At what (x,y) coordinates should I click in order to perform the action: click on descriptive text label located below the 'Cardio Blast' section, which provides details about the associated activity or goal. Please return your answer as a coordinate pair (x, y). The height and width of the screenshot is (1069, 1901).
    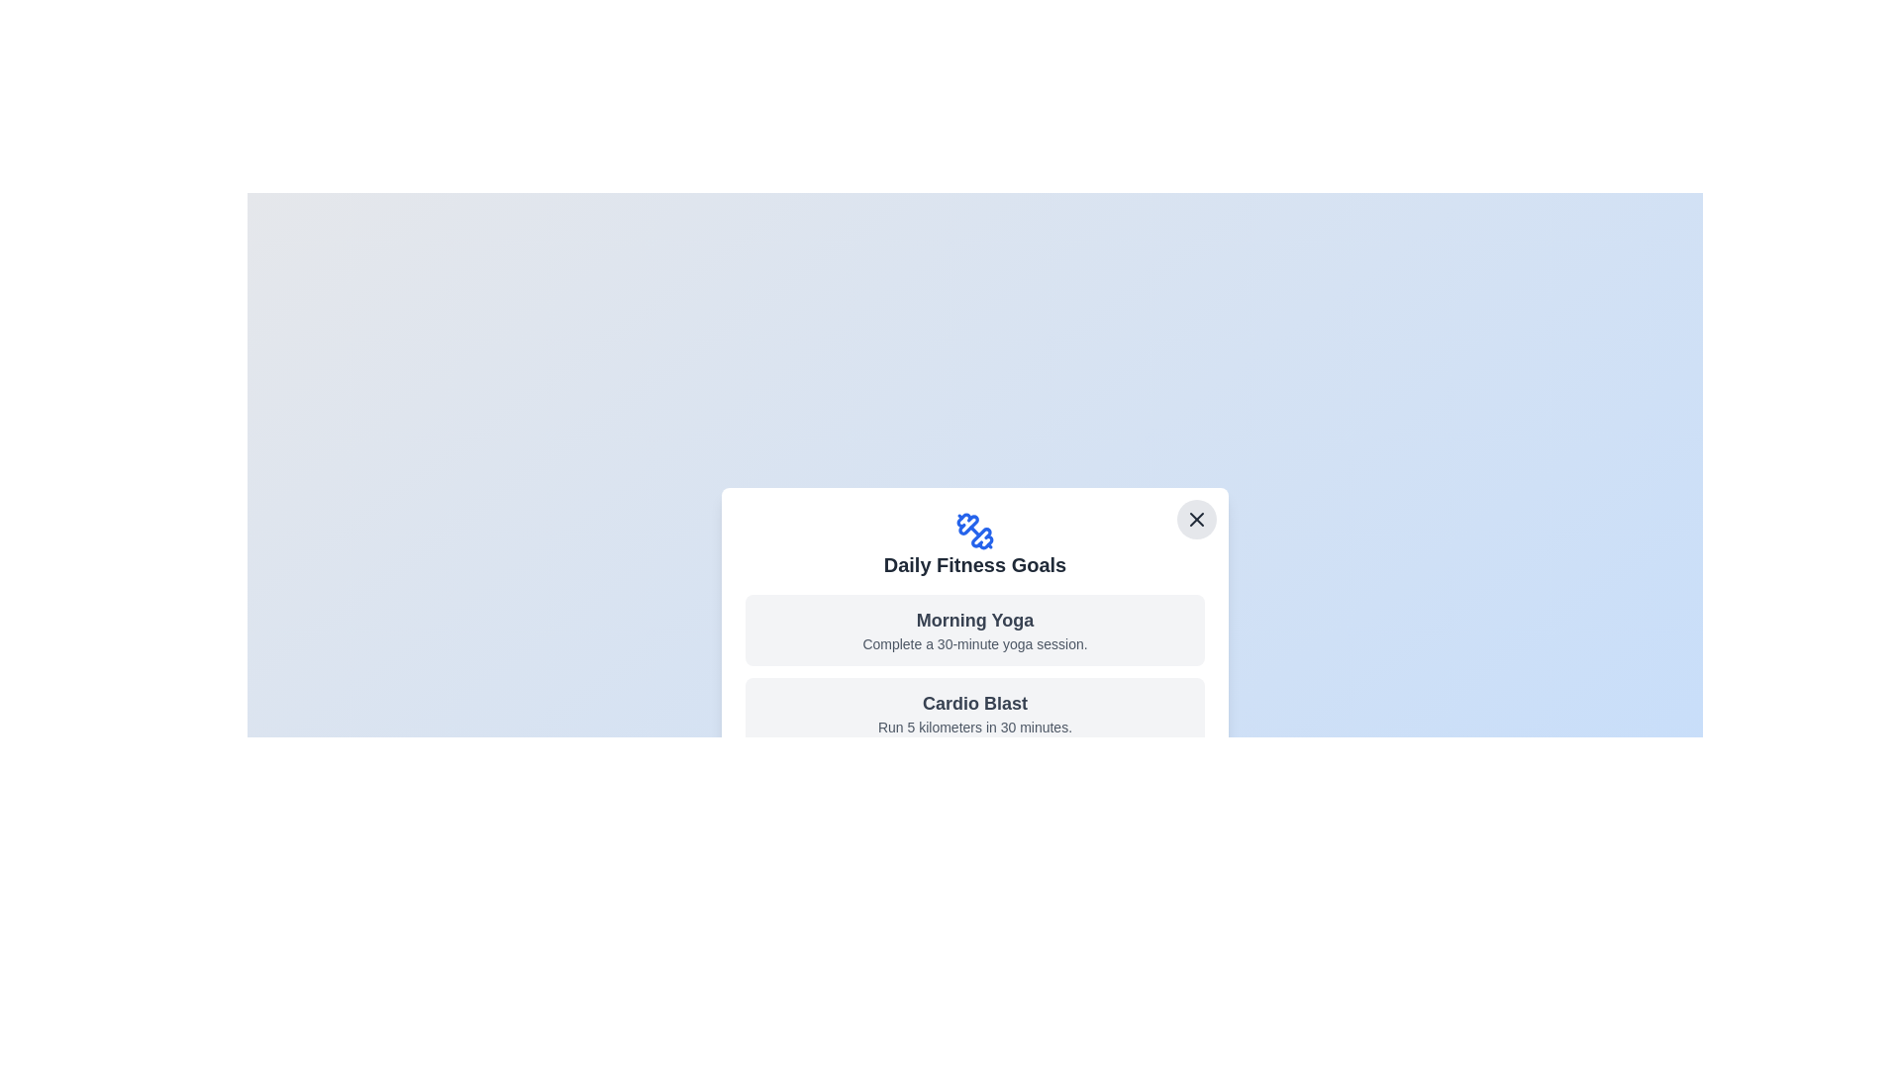
    Looking at the image, I should click on (974, 728).